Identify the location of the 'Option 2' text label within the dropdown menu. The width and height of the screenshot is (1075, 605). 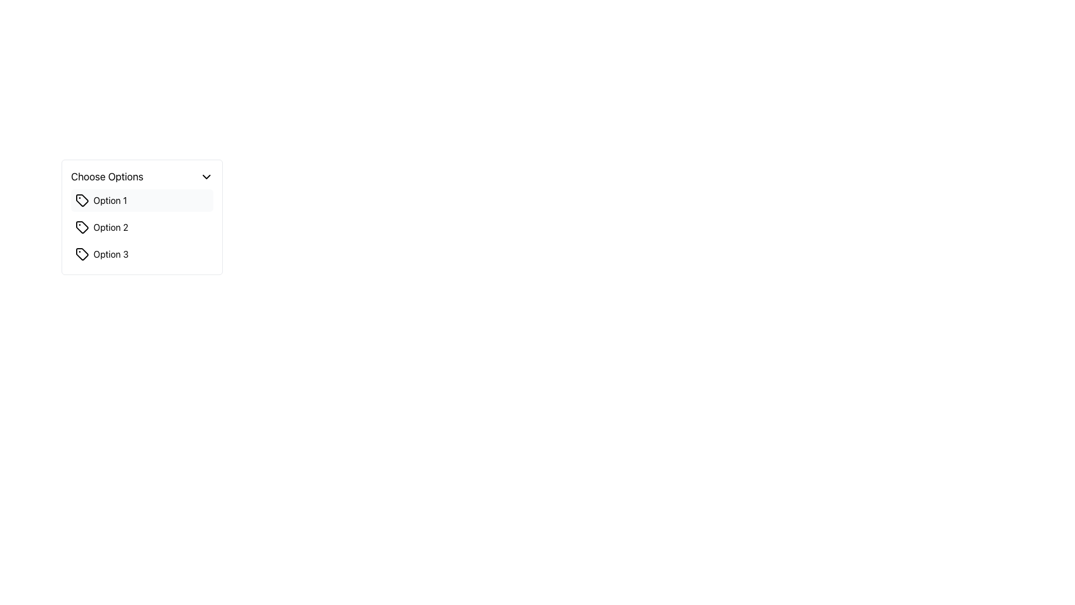
(111, 227).